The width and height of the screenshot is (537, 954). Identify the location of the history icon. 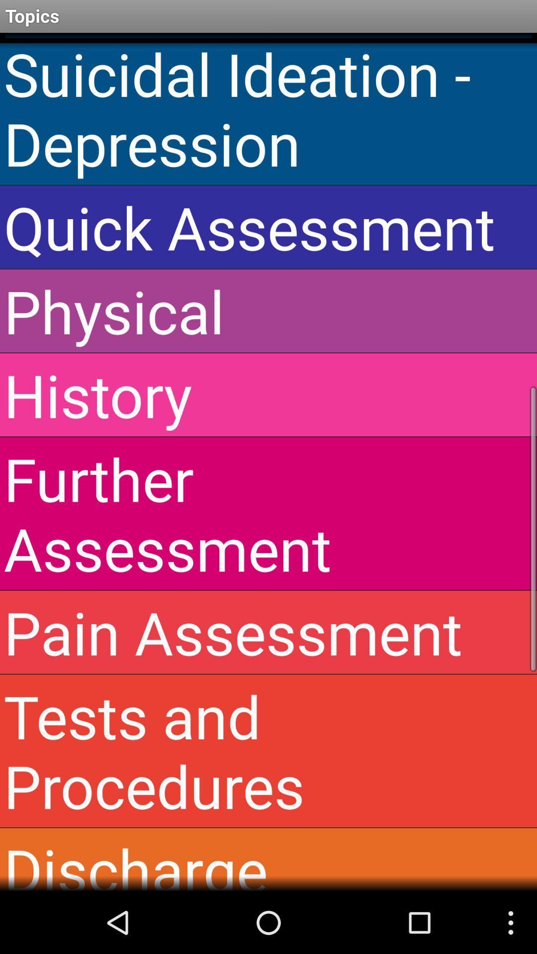
(268, 394).